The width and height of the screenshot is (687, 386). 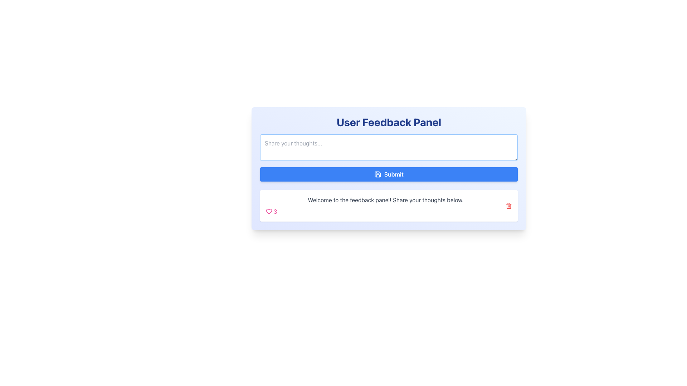 I want to click on the heart icon located towards the bottom of the feedback panel, adjacent to the text 'Welcome to the feedback panel! Share your thoughts below.' and to the left of the numeral three, so click(x=269, y=211).